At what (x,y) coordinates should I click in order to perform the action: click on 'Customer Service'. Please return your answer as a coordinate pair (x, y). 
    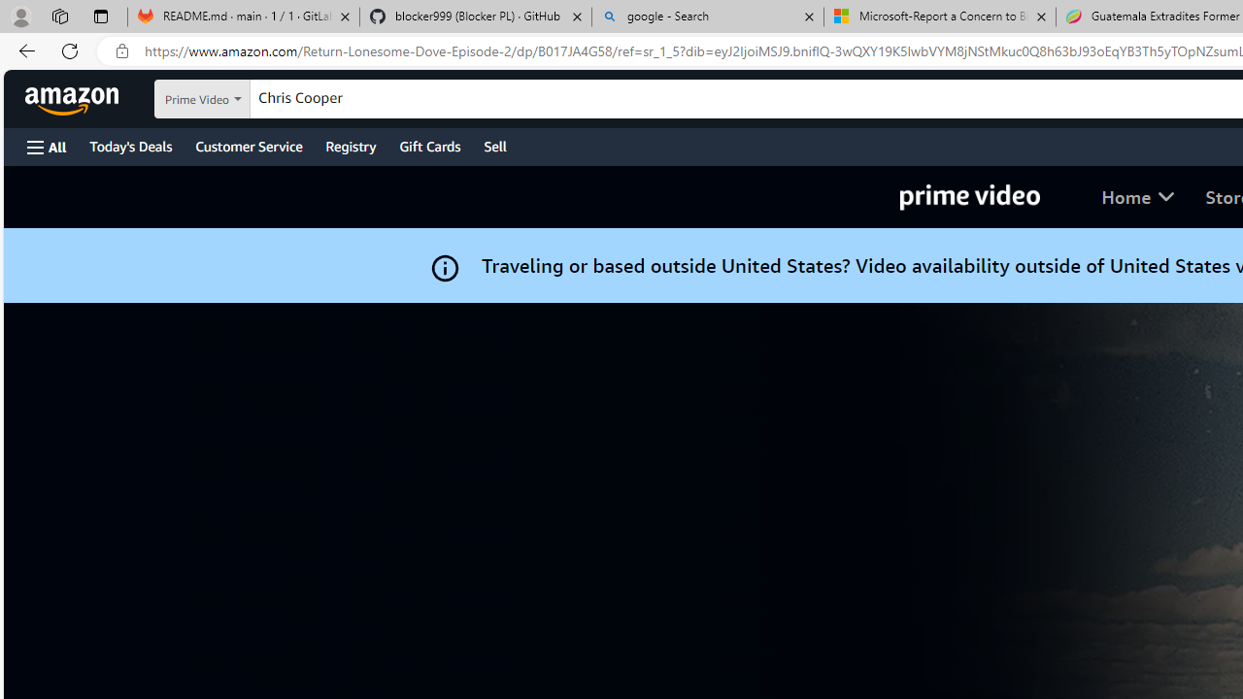
    Looking at the image, I should click on (248, 145).